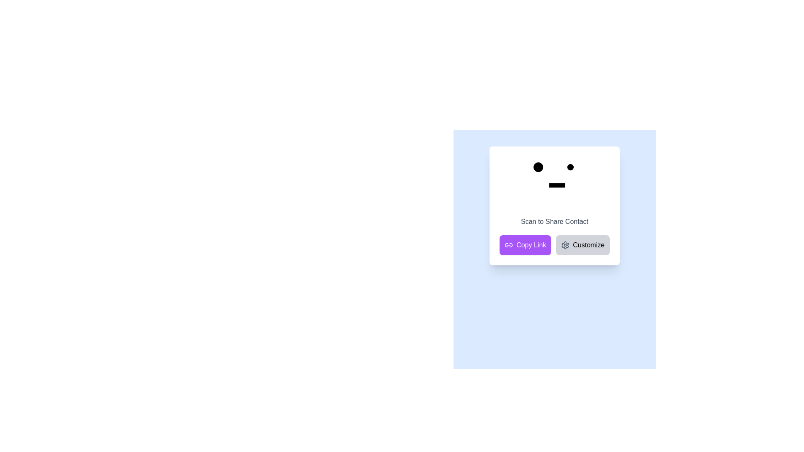 This screenshot has width=804, height=452. What do you see at coordinates (557, 185) in the screenshot?
I see `the rectangular graphical element that resembles a mouth, positioned centrally below two circular shapes resembling eyes` at bounding box center [557, 185].